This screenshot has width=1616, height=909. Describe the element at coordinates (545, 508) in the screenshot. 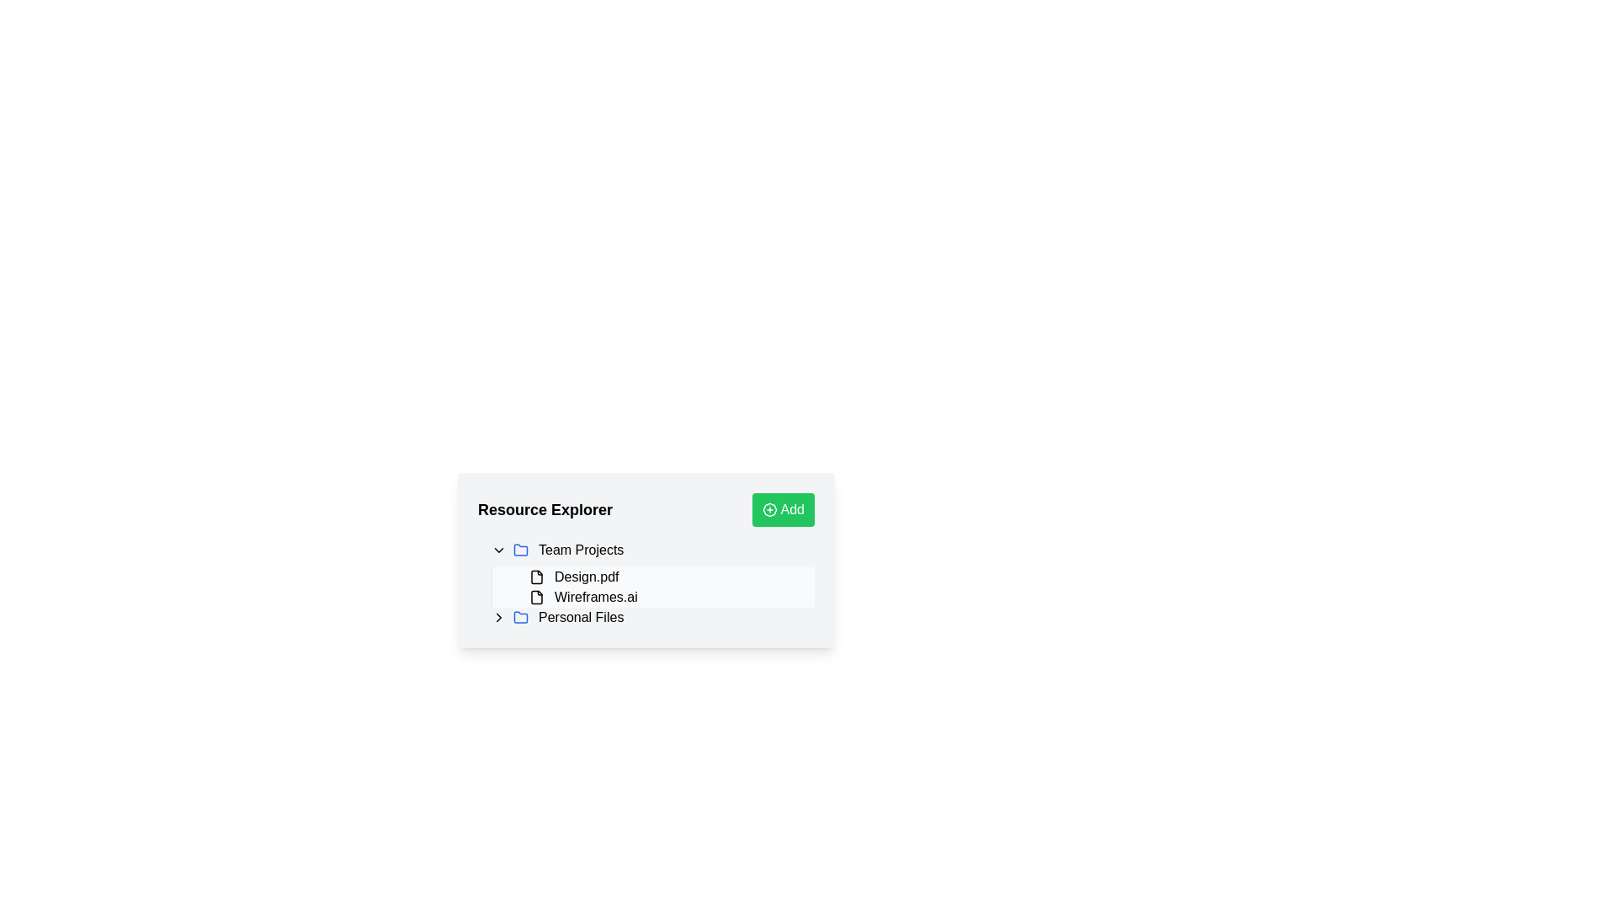

I see `the Text Label that serves as a header or title for the section, positioned on the left-hand side above a list structure` at that location.